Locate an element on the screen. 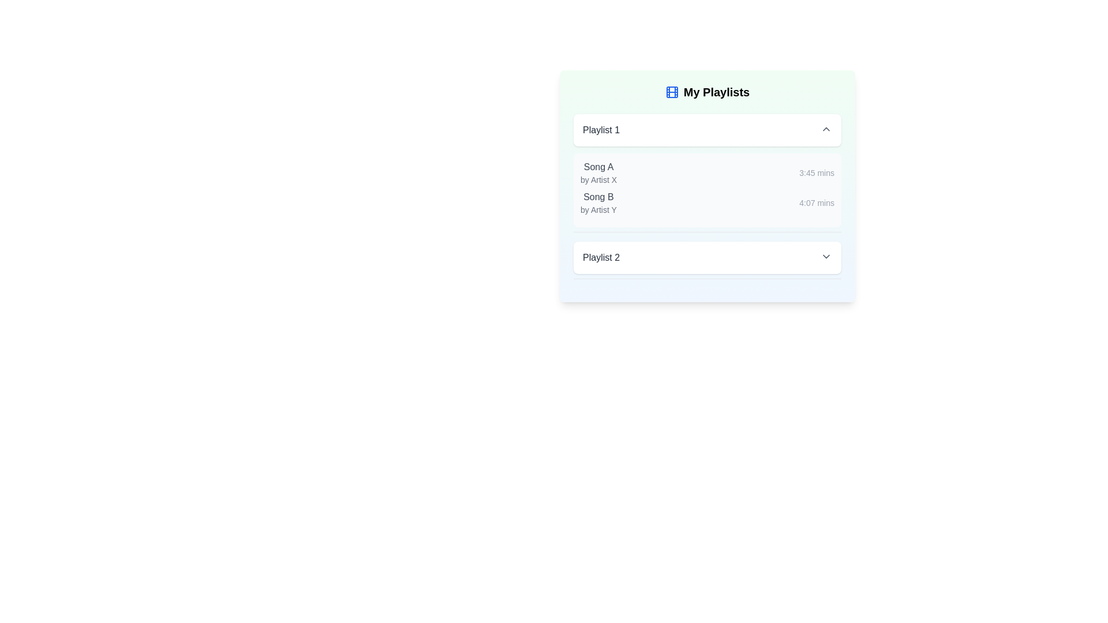 The width and height of the screenshot is (1108, 623). the static text label that serves as the title of a song entry in the playlist, located below the 'Playlist 1' header in the 'My Playlists' interface is located at coordinates (598, 167).